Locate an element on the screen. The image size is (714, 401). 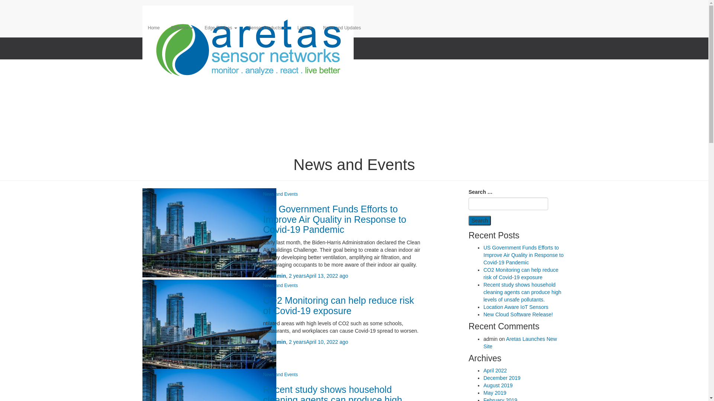
'CO2 Monitoring can help reduce risk of Covid-19 exposure' is located at coordinates (338, 305).